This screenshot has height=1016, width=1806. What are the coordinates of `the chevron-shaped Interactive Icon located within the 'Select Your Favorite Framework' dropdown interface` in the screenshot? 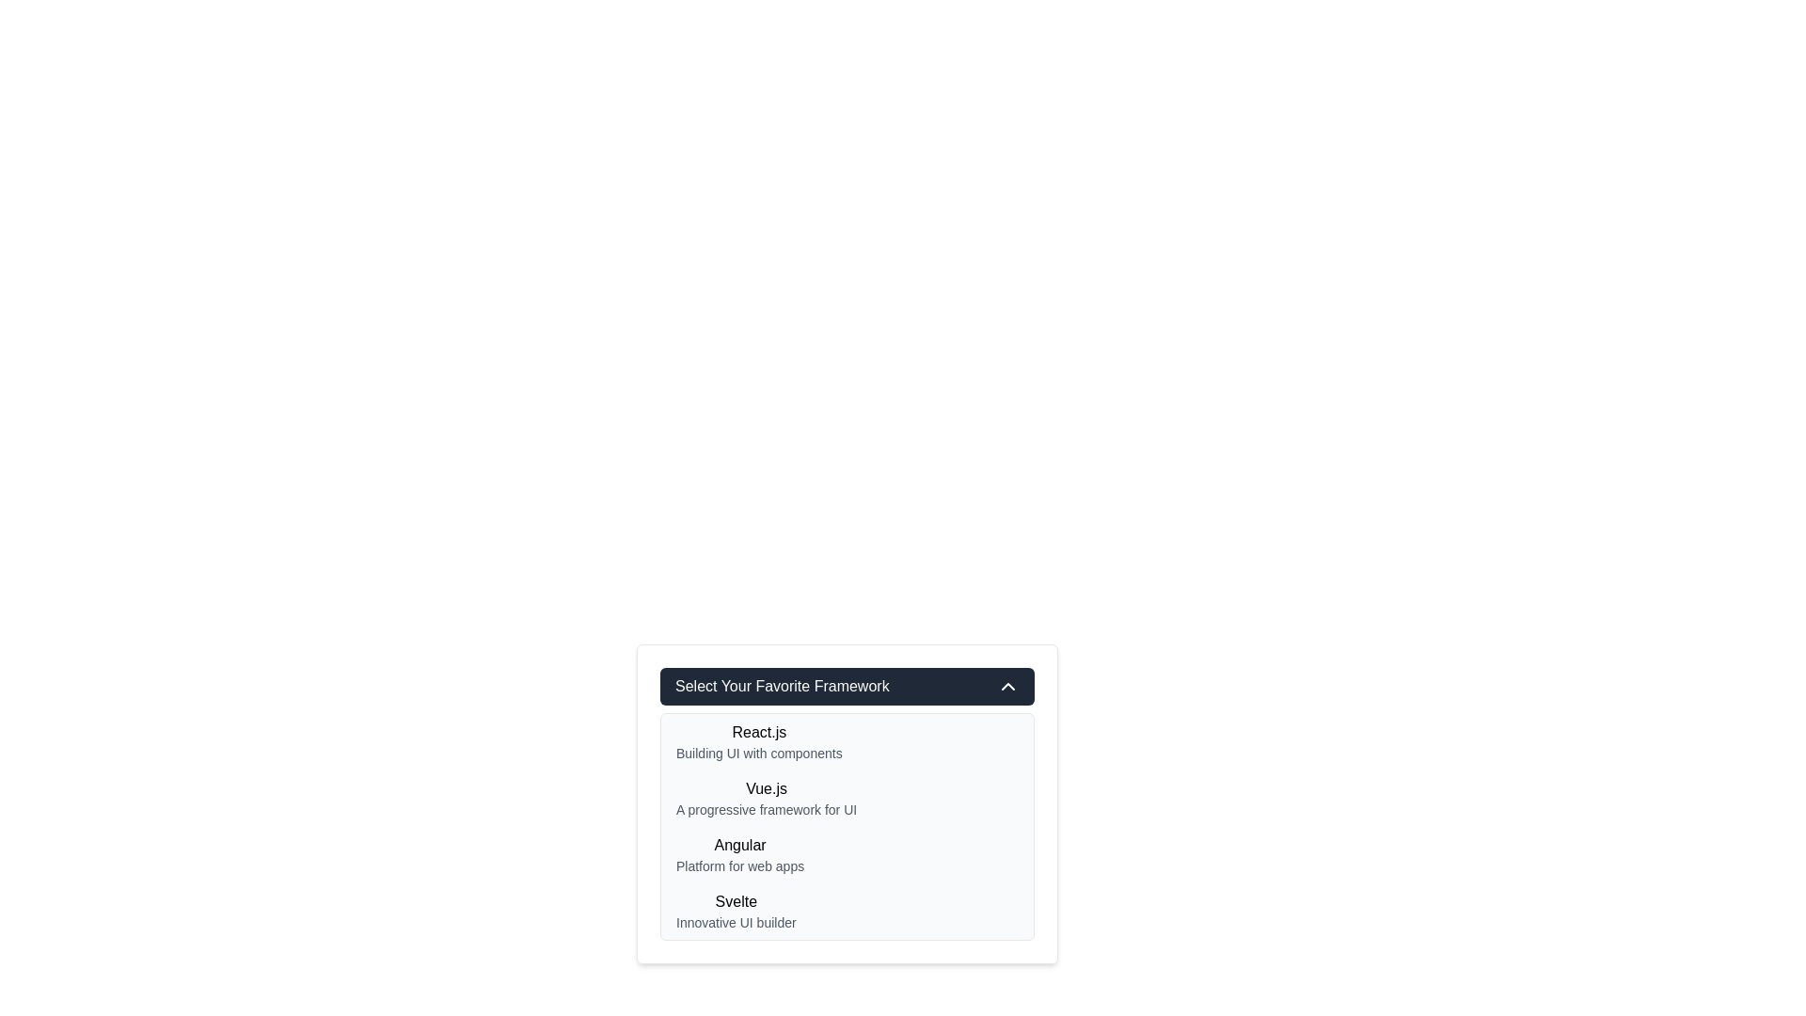 It's located at (1006, 686).